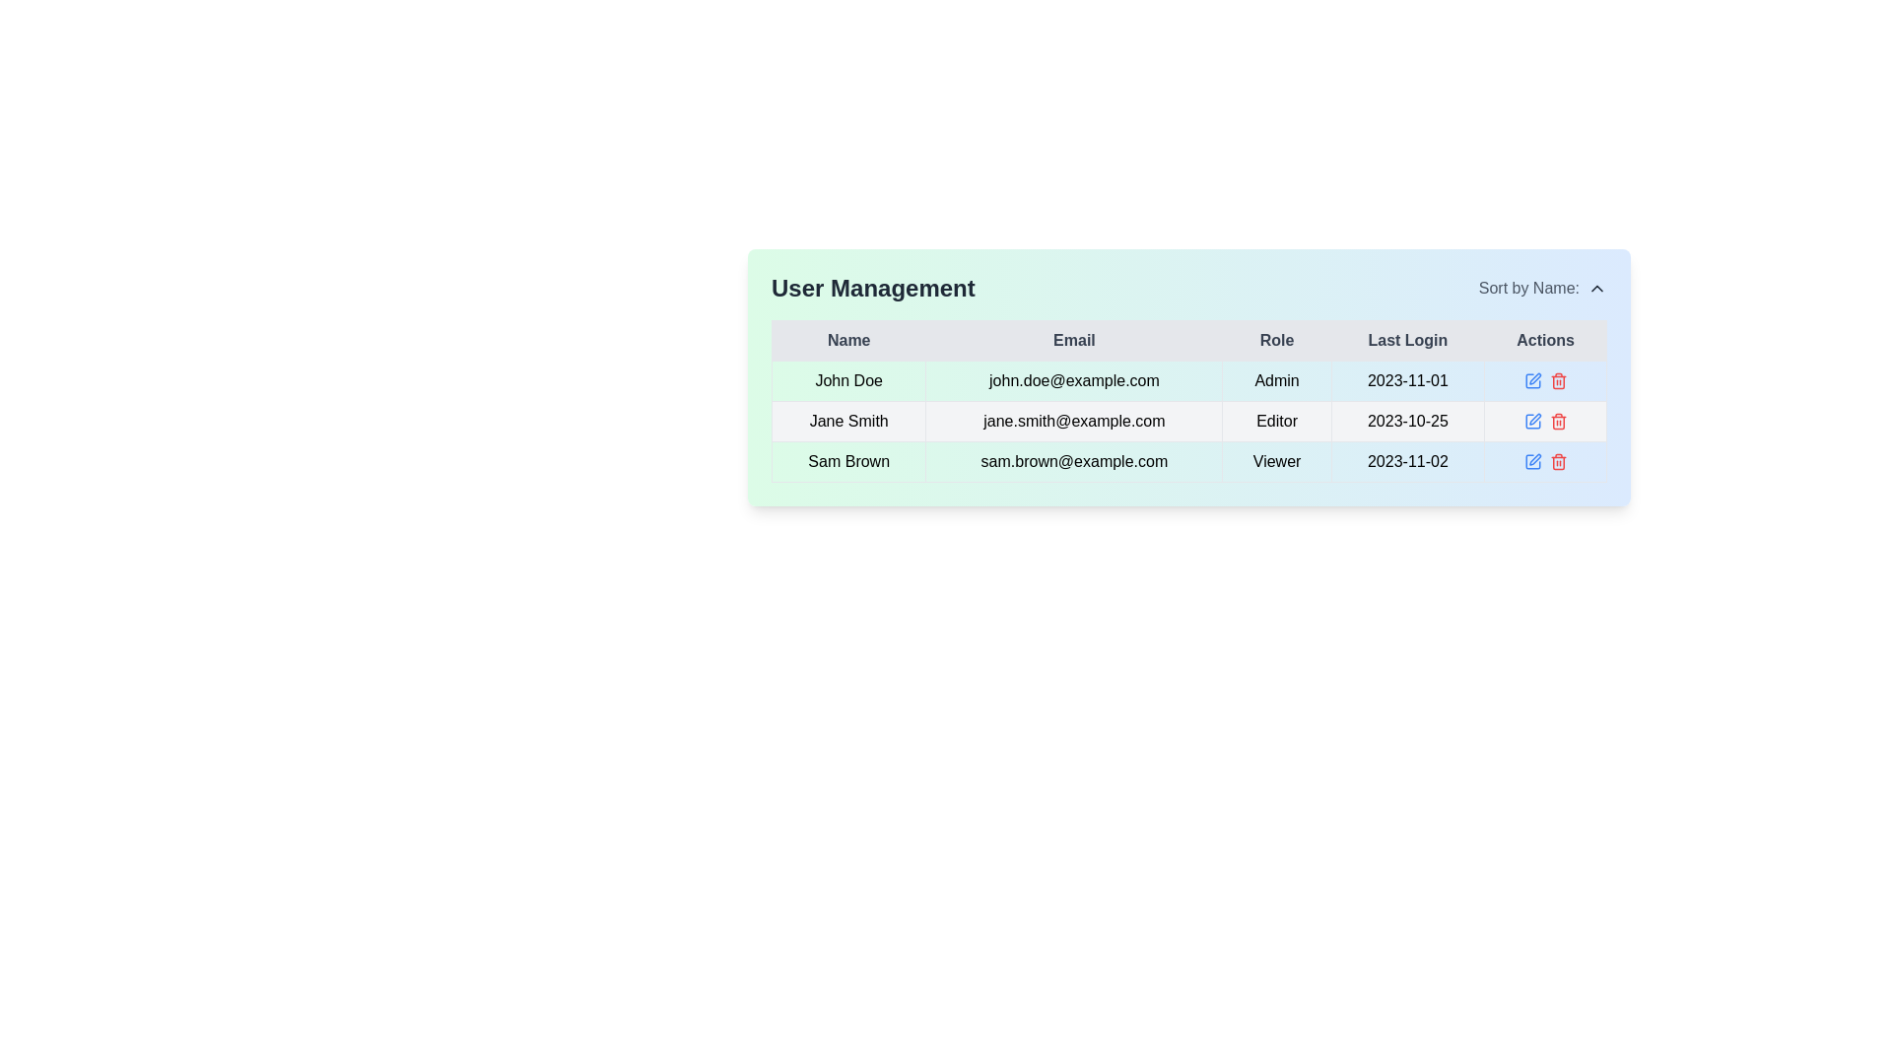 Image resolution: width=1892 pixels, height=1064 pixels. Describe the element at coordinates (848, 380) in the screenshot. I see `the static text displaying the user's name in the user details table, which is the first entry in the 'Name' column` at that location.